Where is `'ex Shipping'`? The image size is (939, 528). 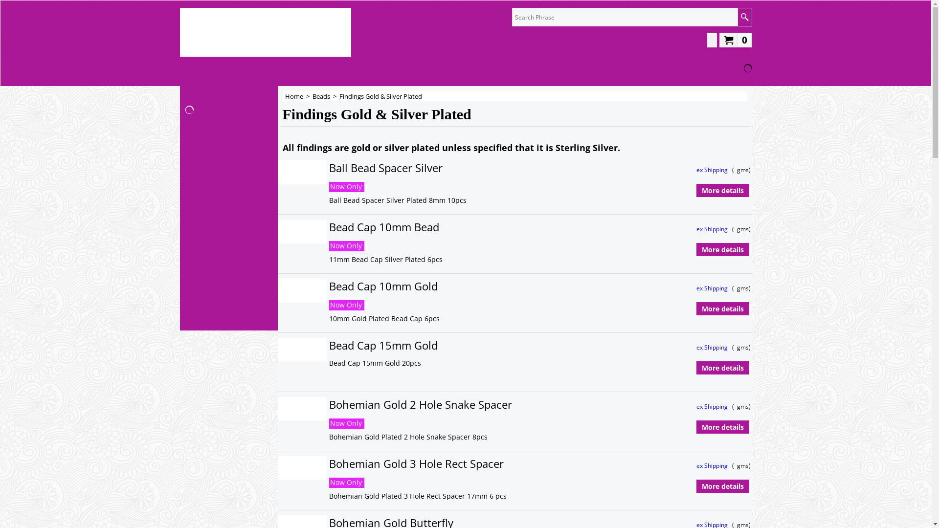
'ex Shipping' is located at coordinates (713, 347).